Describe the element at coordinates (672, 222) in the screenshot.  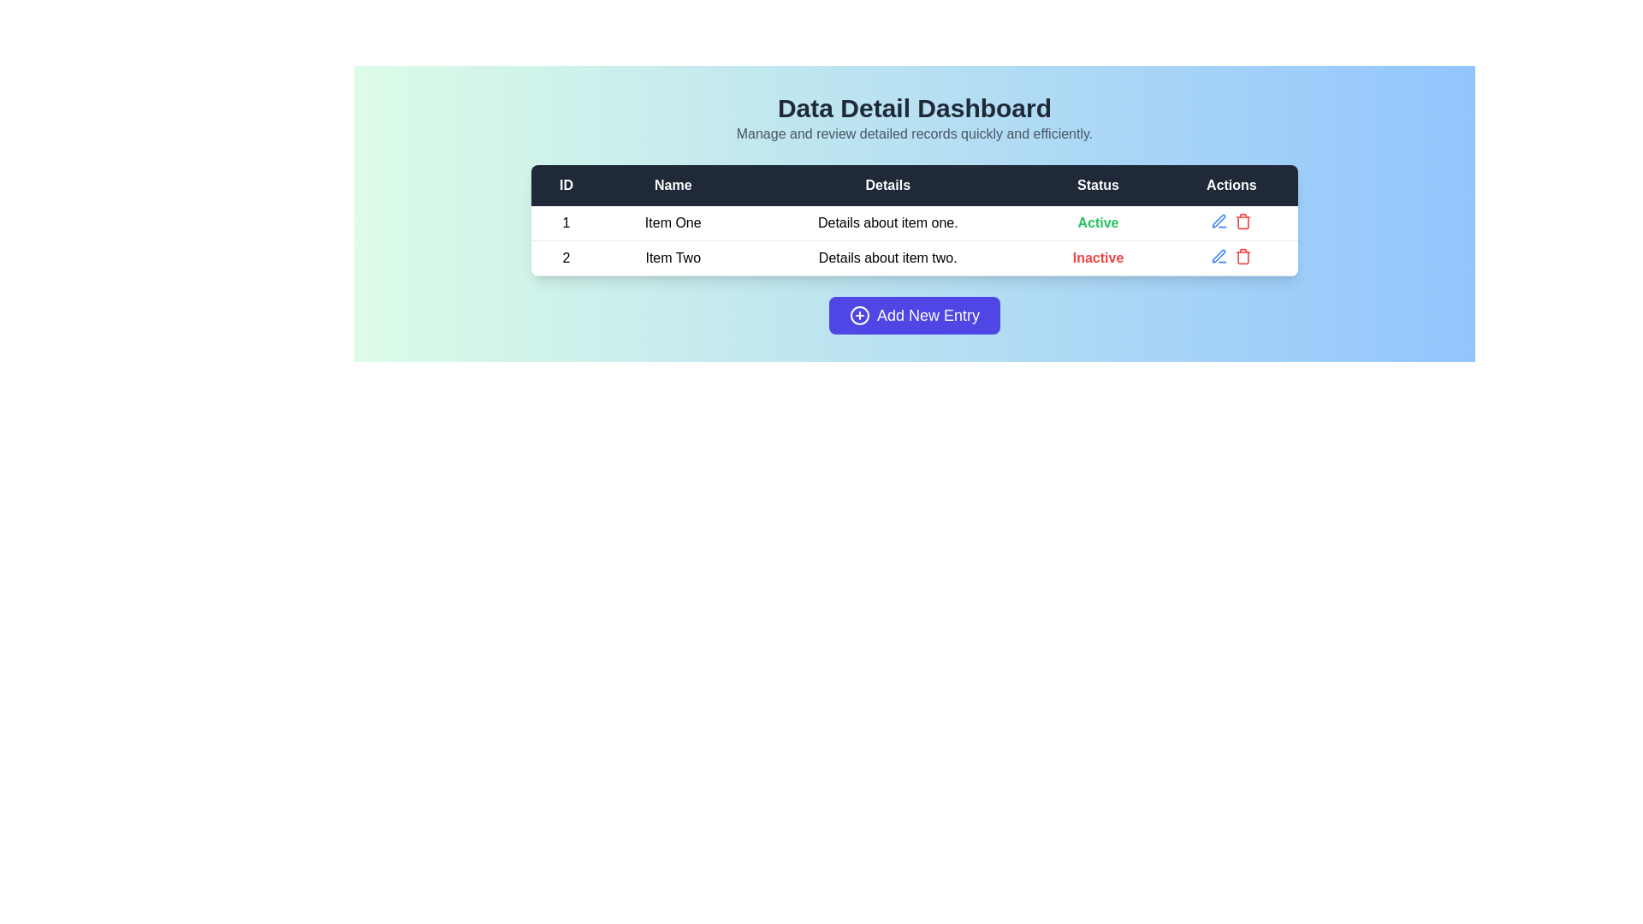
I see `the static text label displaying 'Item One' located in the second column of the first row of the table under the 'Name' header` at that location.